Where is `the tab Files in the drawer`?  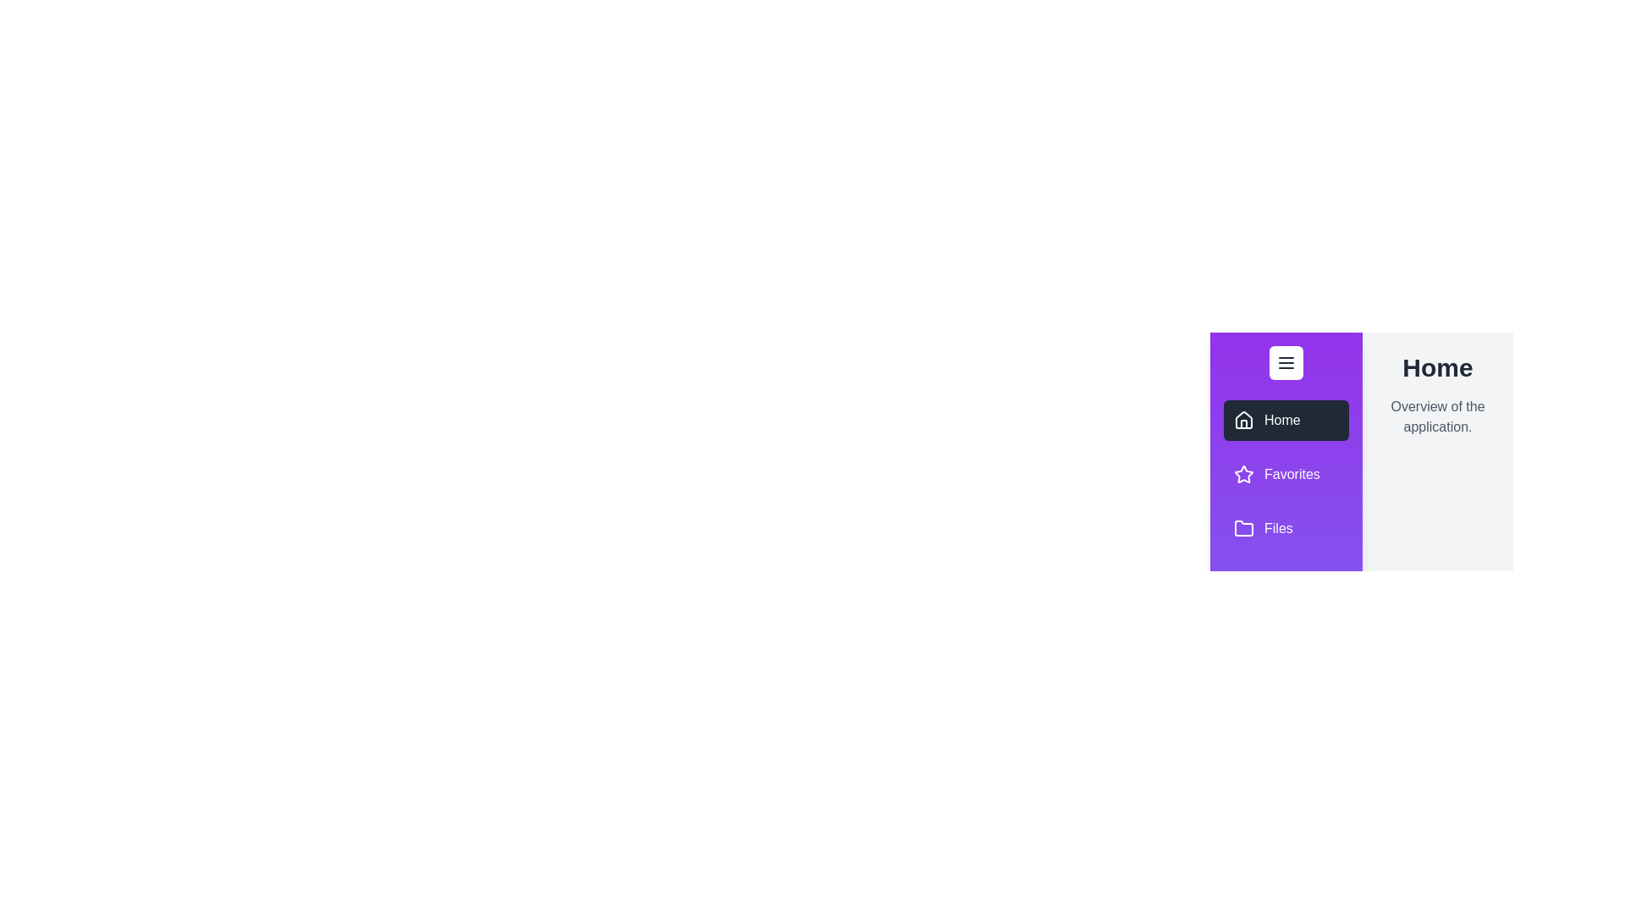 the tab Files in the drawer is located at coordinates (1286, 527).